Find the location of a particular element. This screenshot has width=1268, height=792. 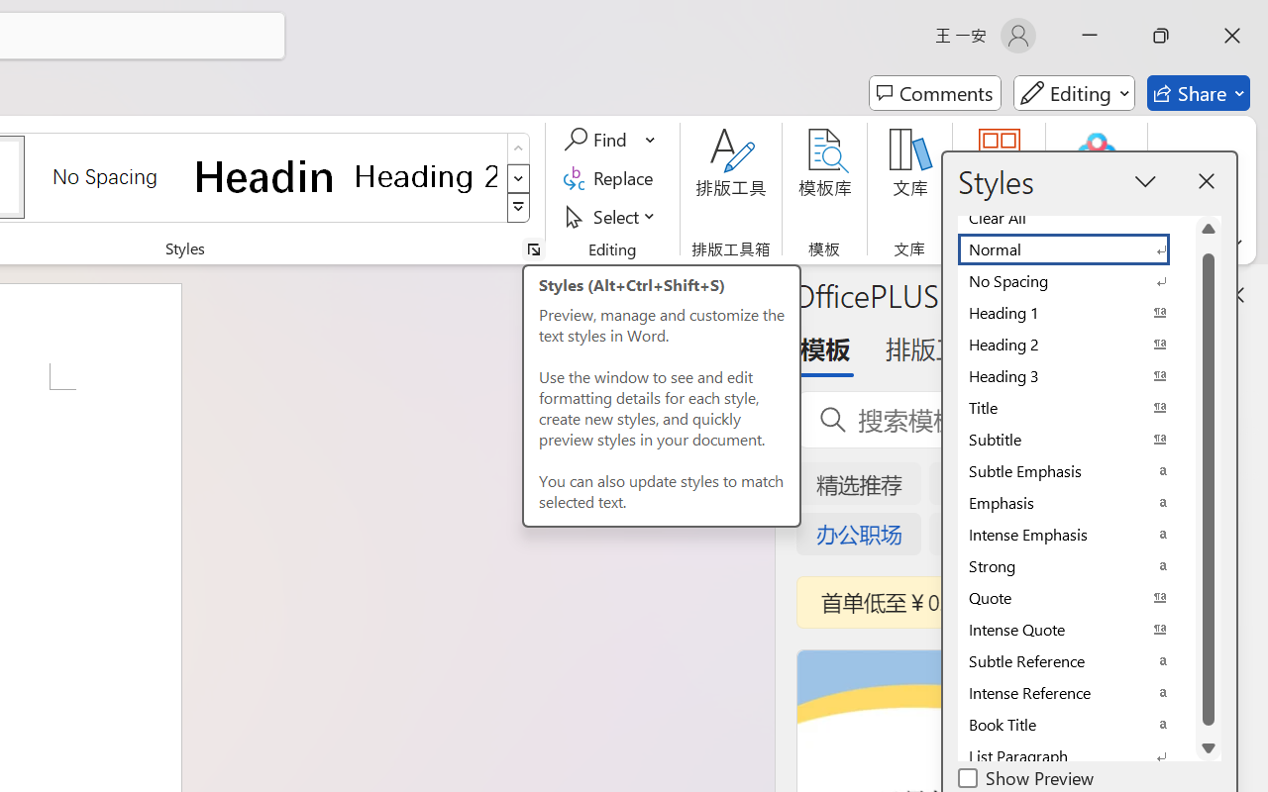

'Find' is located at coordinates (609, 140).